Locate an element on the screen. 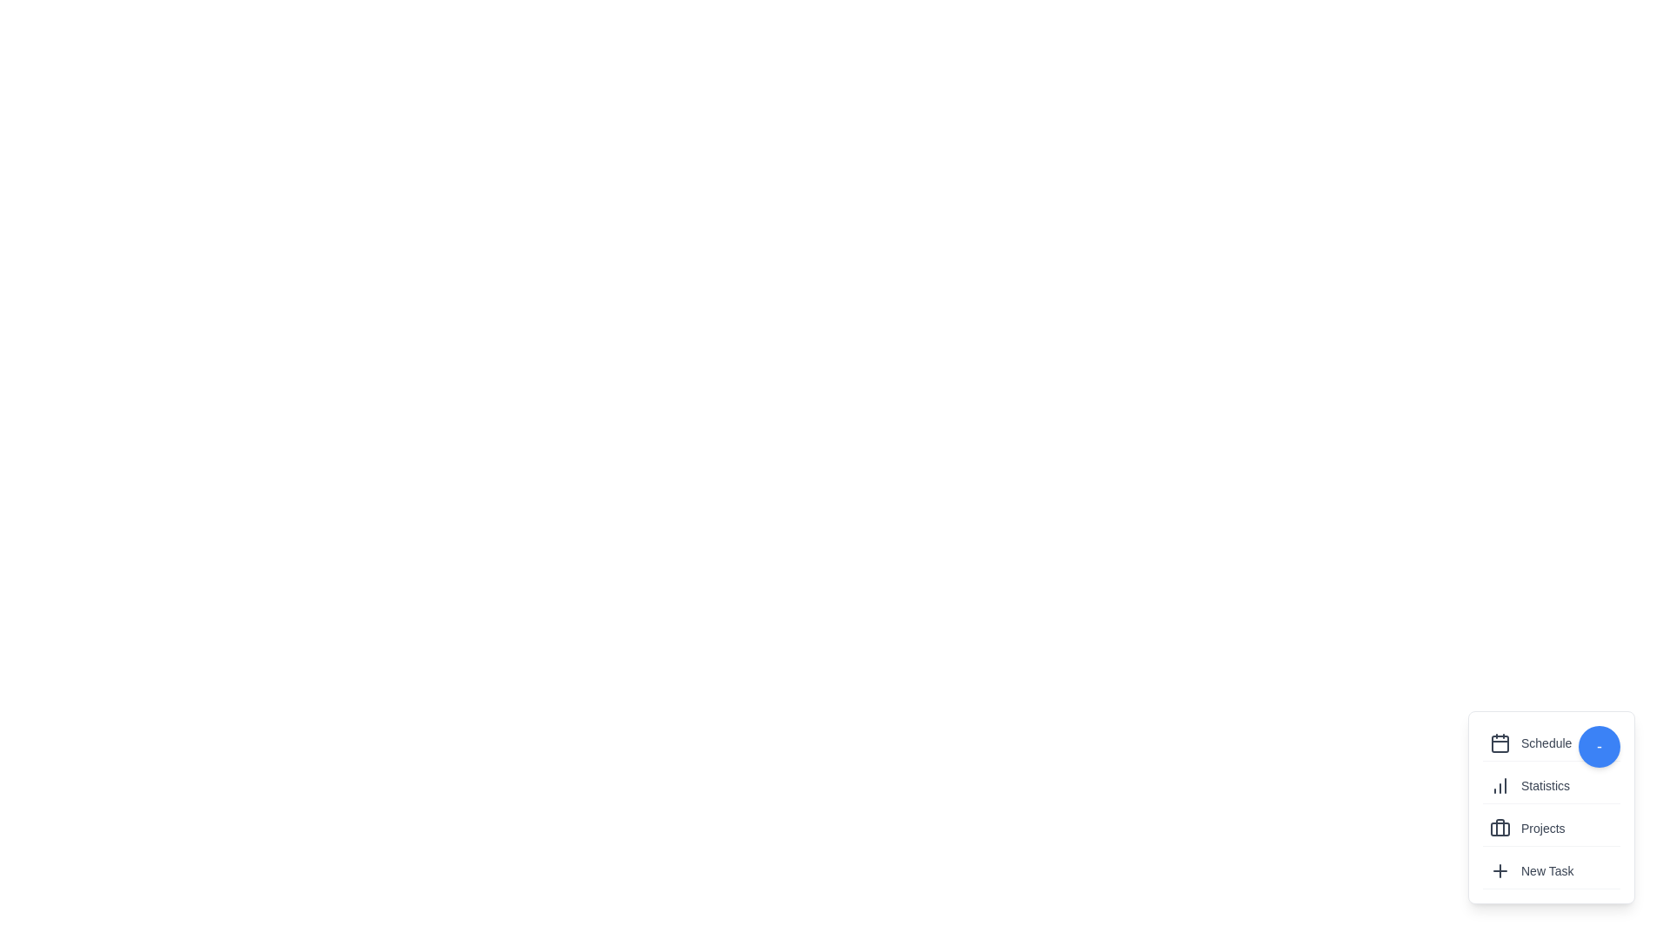 Image resolution: width=1670 pixels, height=939 pixels. the first interactive menu item labeled 'Schedule' which has a calendar icon is located at coordinates (1552, 743).